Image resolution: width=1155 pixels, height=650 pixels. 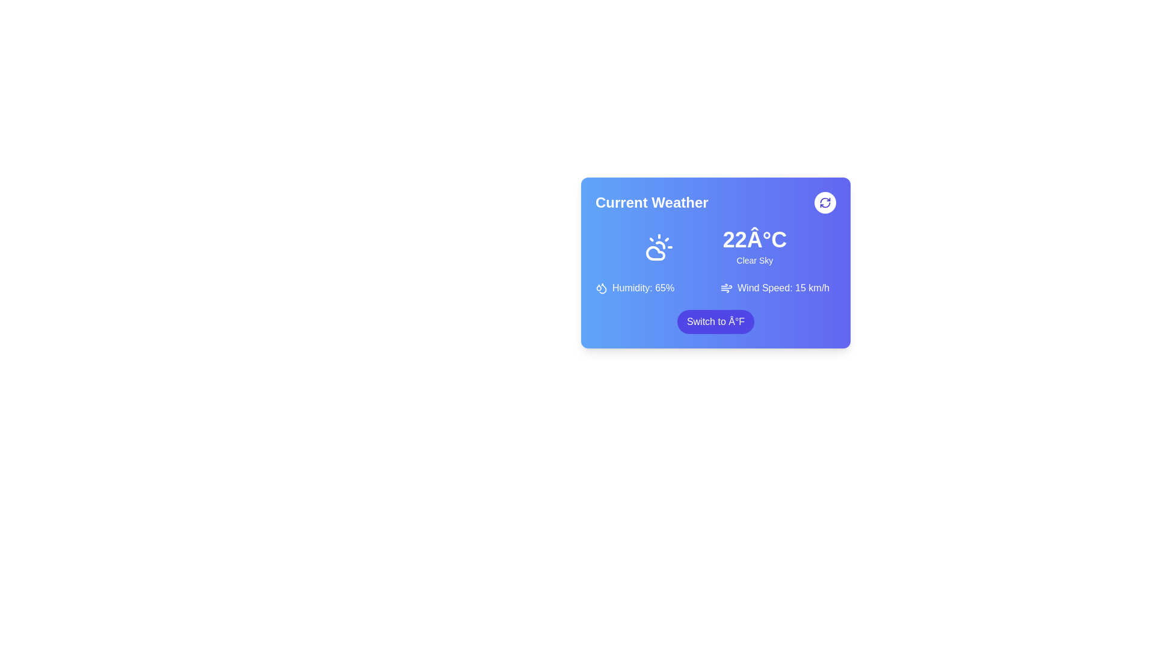 What do you see at coordinates (783, 288) in the screenshot?
I see `the Text Label displaying the current wind speed of 15 km/h, located within the weather information card component` at bounding box center [783, 288].